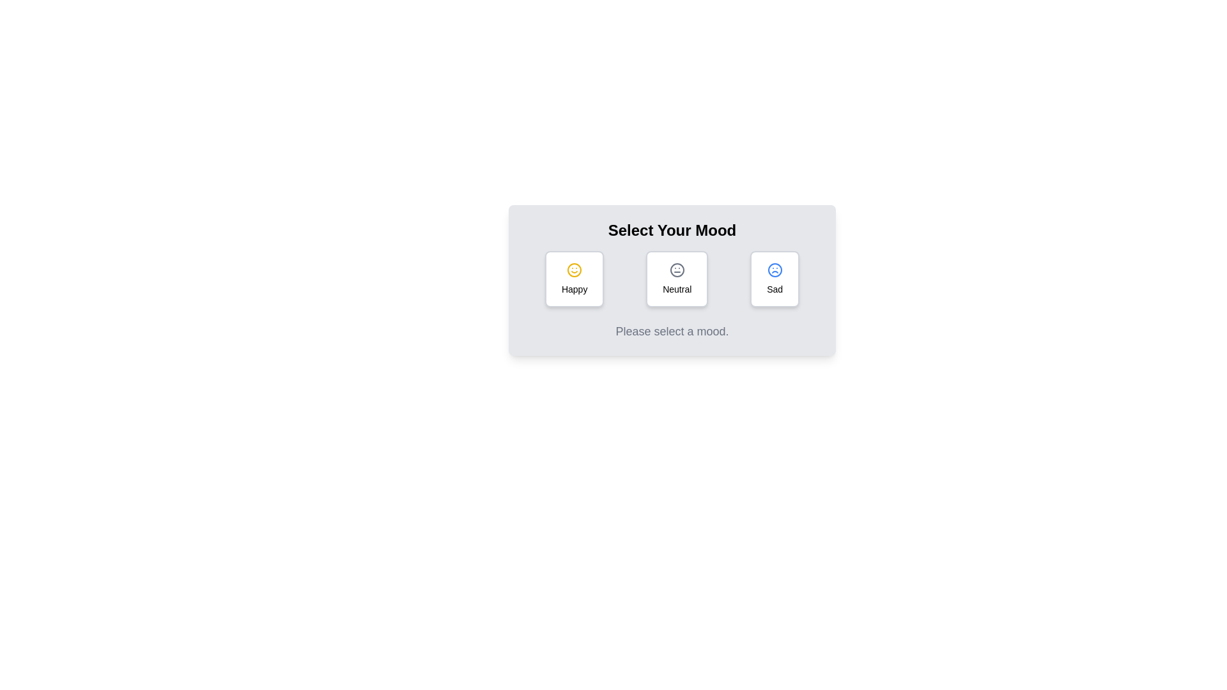 The height and width of the screenshot is (690, 1227). Describe the element at coordinates (671, 231) in the screenshot. I see `the centered text header styled in bold and large font with the text 'Select Your Mood', located within the top portion of a light-gray card component` at that location.